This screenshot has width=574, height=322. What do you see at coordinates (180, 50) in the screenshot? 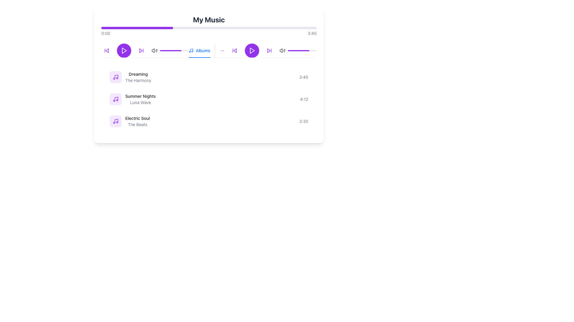
I see `playback position` at bounding box center [180, 50].